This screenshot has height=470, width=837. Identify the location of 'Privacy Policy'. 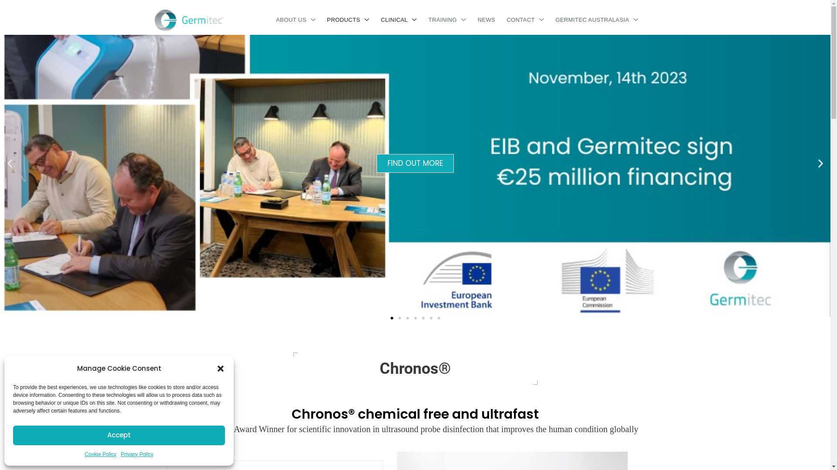
(120, 454).